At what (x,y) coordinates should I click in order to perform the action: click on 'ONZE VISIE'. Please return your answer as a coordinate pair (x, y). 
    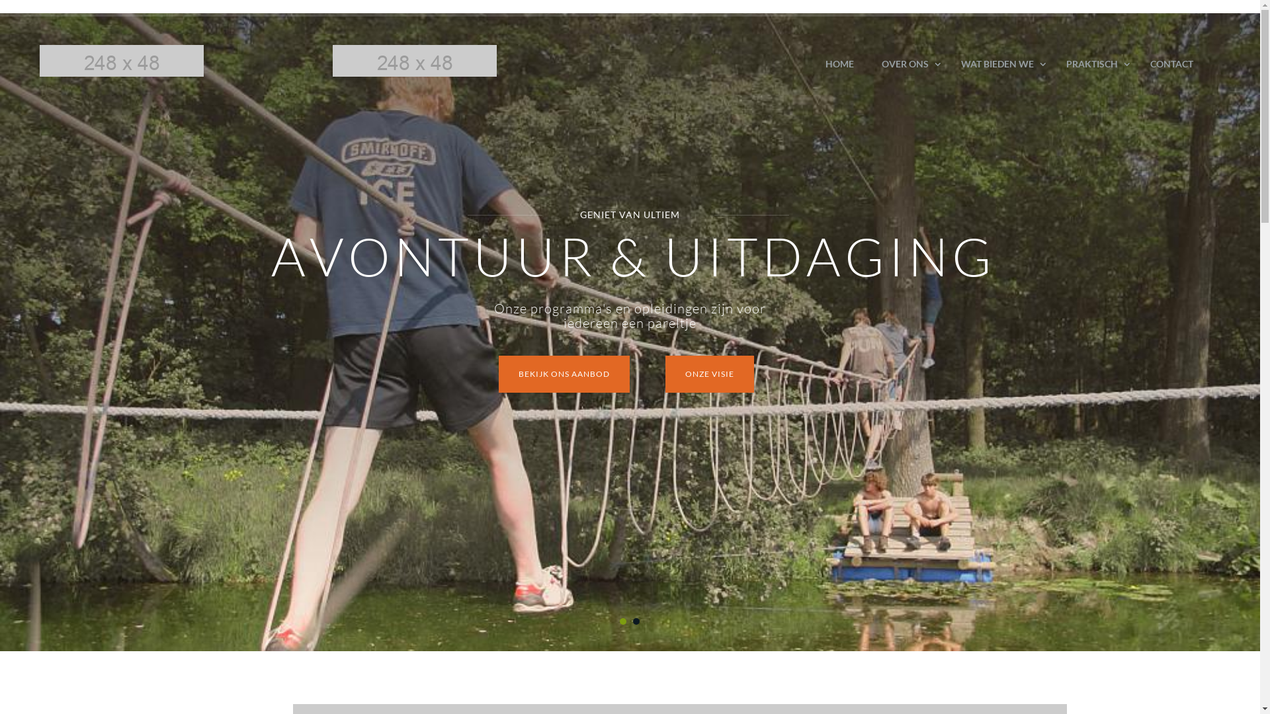
    Looking at the image, I should click on (709, 374).